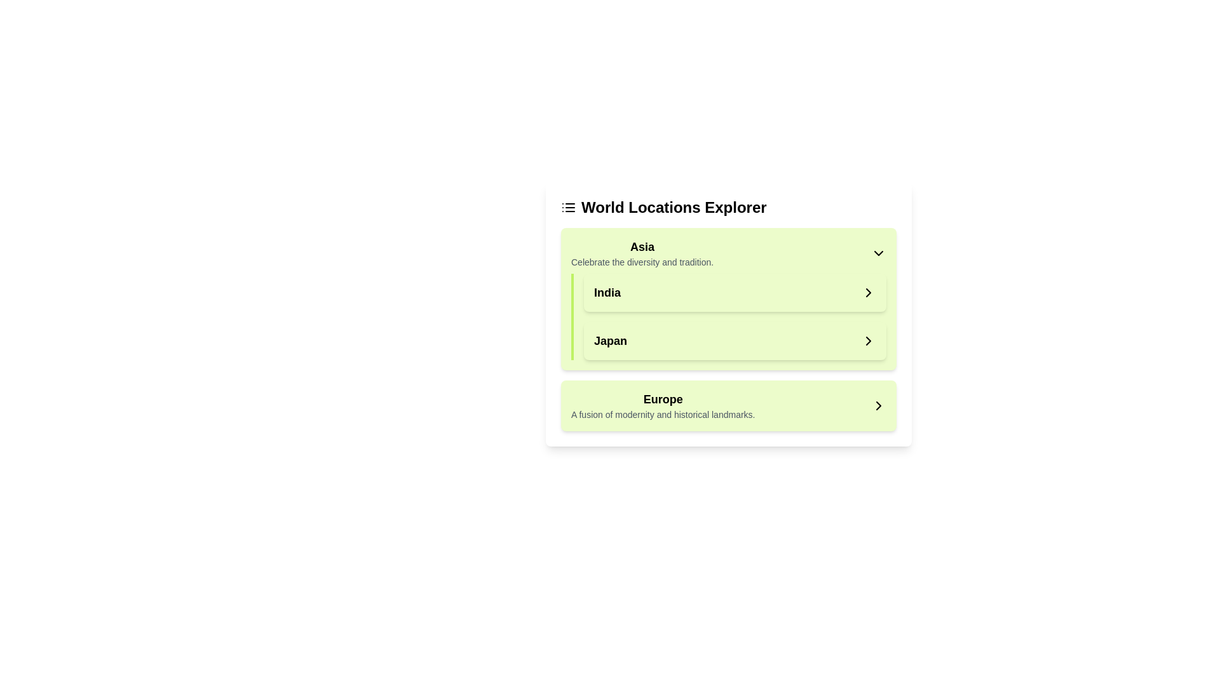 The width and height of the screenshot is (1220, 686). Describe the element at coordinates (642, 247) in the screenshot. I see `the bold text label 'Asia' which is positioned in the first section of the list group with light green backgrounds` at that location.